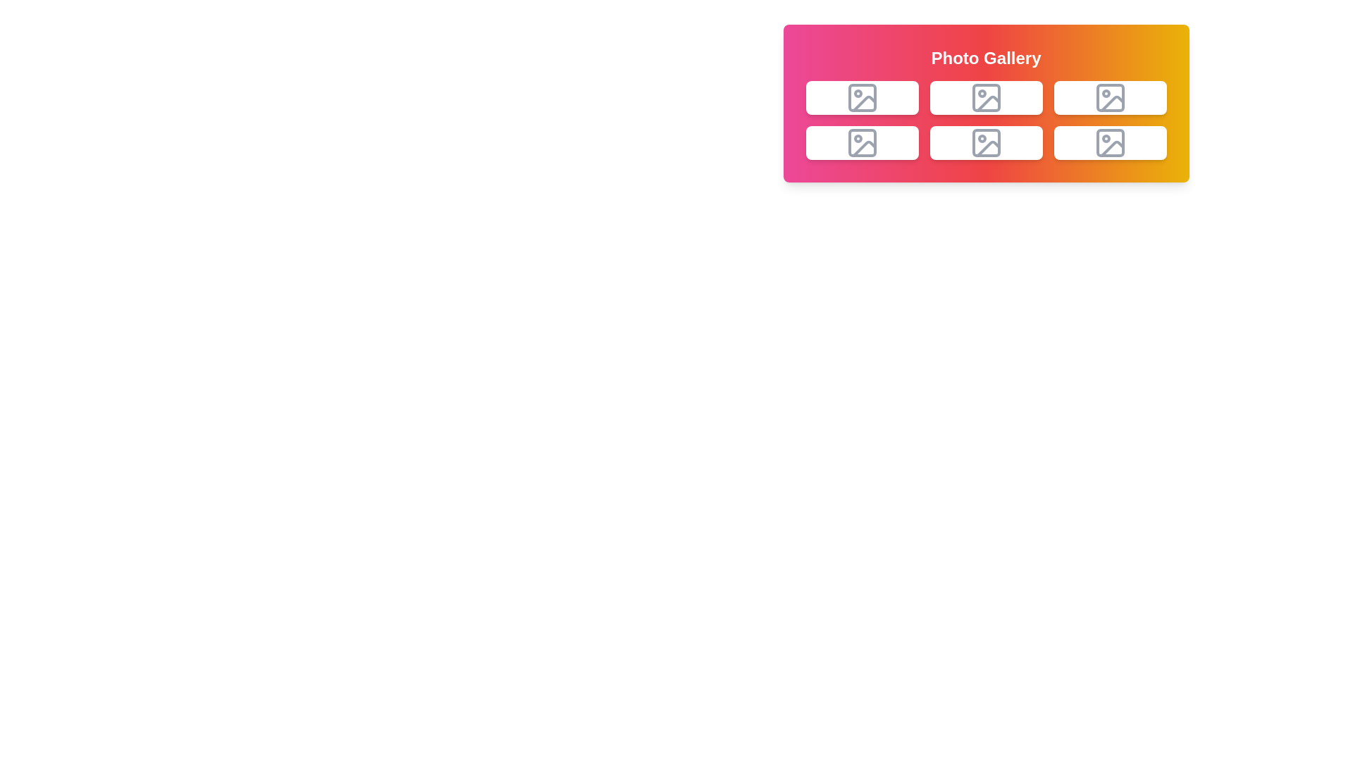 This screenshot has height=761, width=1353. Describe the element at coordinates (985, 97) in the screenshot. I see `the second image icon in the top row of the Photo Gallery` at that location.